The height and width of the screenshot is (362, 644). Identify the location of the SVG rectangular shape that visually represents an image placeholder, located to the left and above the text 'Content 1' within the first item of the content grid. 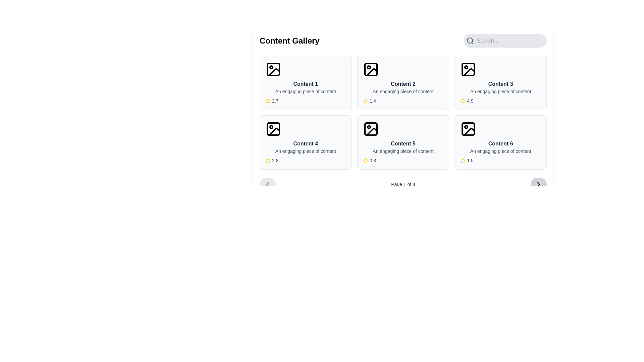
(273, 69).